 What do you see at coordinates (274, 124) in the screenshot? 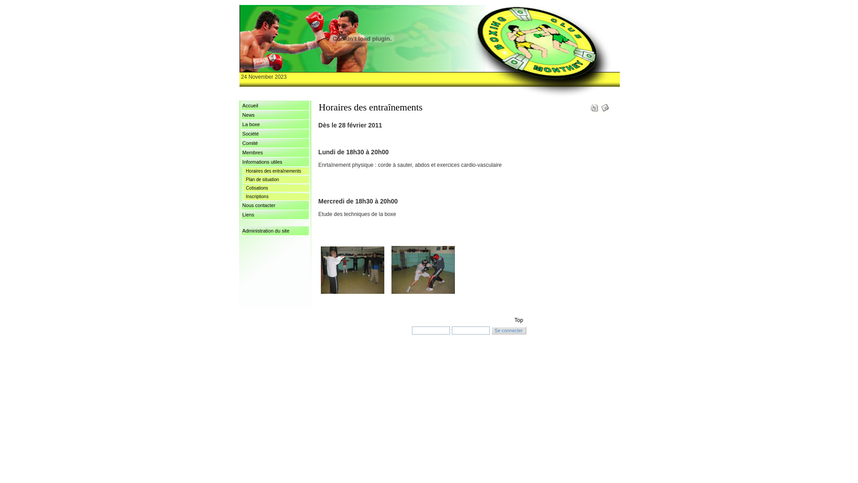
I see `'La boxe'` at bounding box center [274, 124].